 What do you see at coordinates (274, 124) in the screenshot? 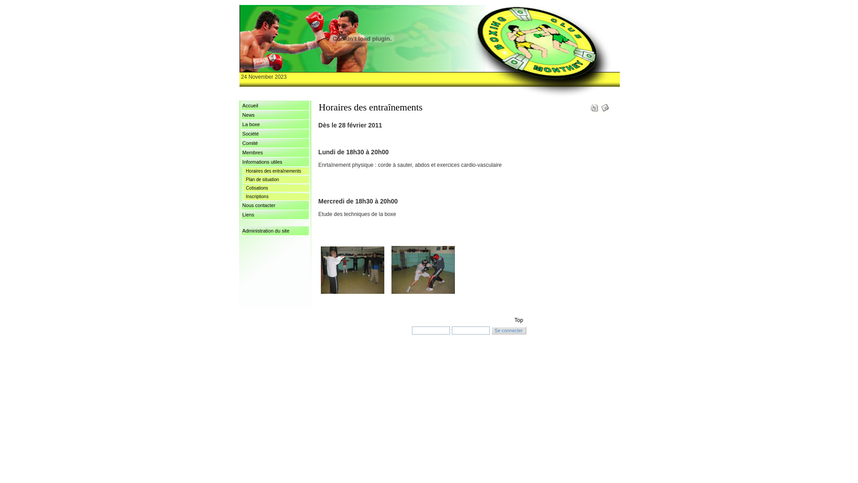
I see `'La boxe'` at bounding box center [274, 124].